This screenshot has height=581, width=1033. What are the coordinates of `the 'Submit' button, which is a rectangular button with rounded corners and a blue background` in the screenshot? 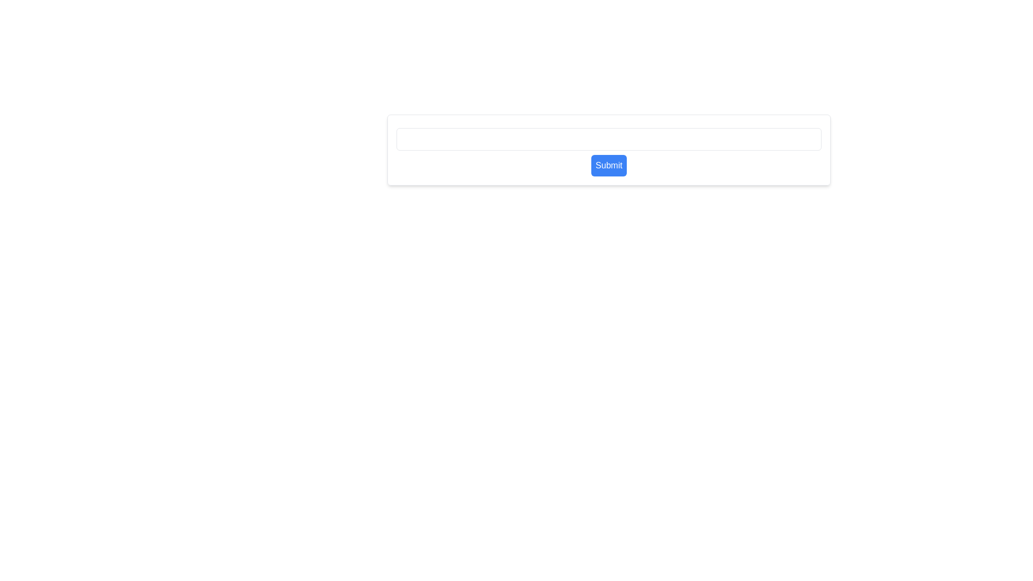 It's located at (609, 166).